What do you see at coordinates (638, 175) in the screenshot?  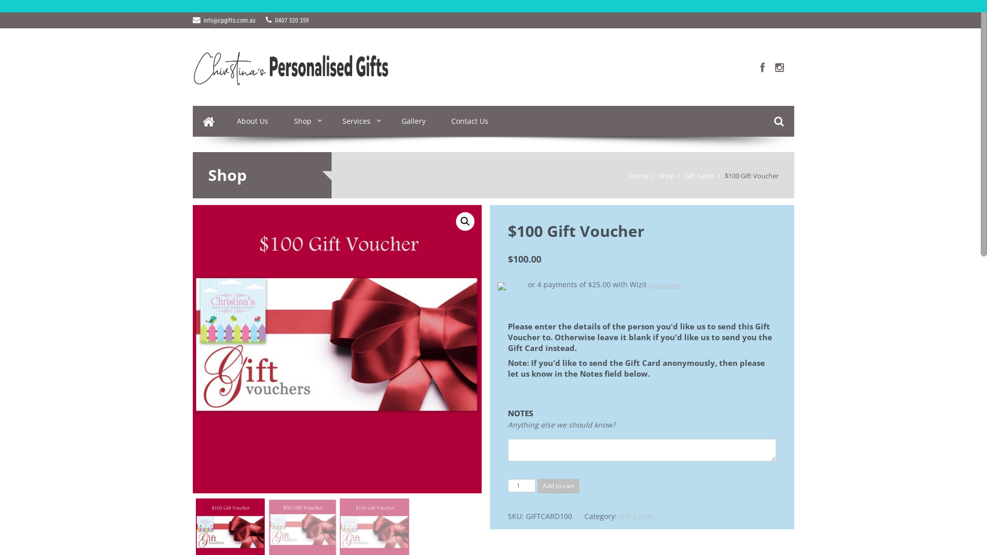 I see `'Home'` at bounding box center [638, 175].